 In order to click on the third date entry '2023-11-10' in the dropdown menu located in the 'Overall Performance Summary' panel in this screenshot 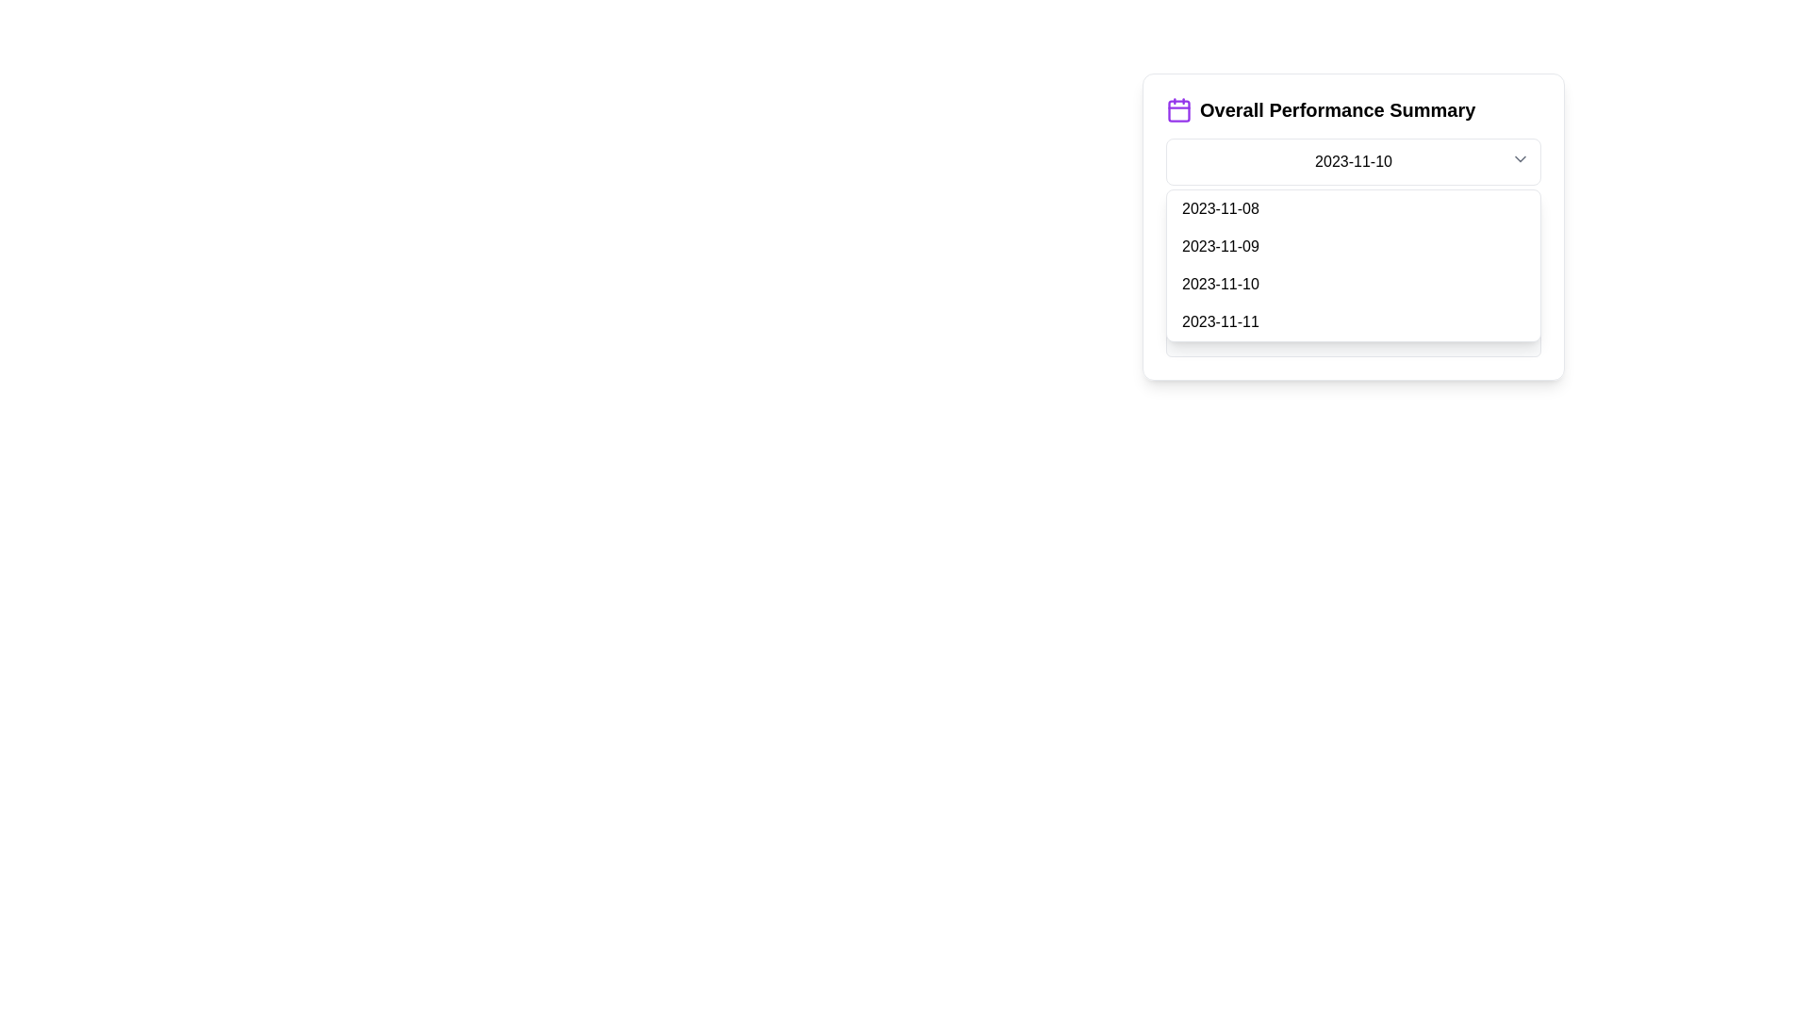, I will do `click(1352, 245)`.